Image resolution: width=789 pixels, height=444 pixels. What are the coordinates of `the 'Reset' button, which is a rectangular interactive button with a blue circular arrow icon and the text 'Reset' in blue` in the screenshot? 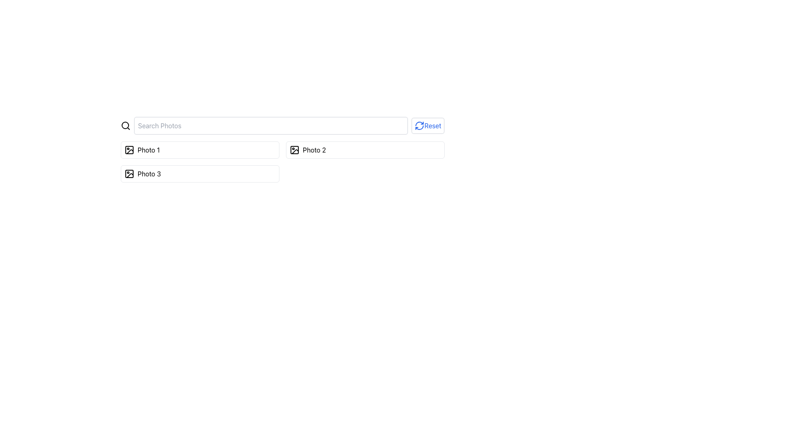 It's located at (427, 125).